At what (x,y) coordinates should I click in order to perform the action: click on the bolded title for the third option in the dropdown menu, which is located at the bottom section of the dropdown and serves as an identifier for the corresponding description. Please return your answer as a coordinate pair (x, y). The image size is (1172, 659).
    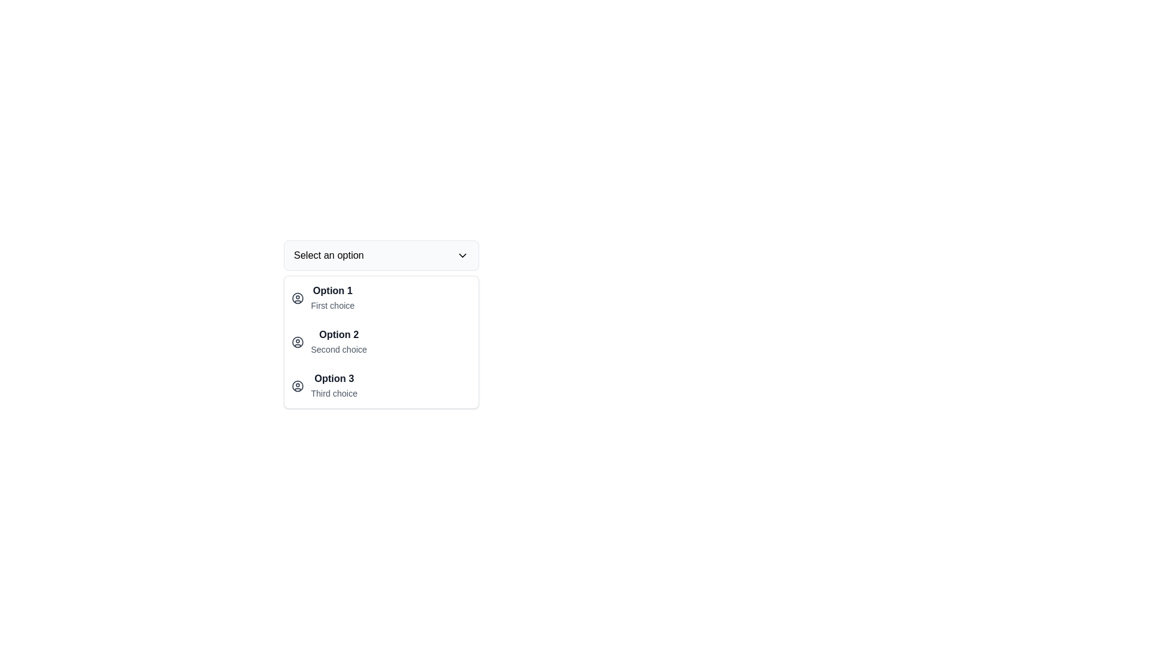
    Looking at the image, I should click on (334, 378).